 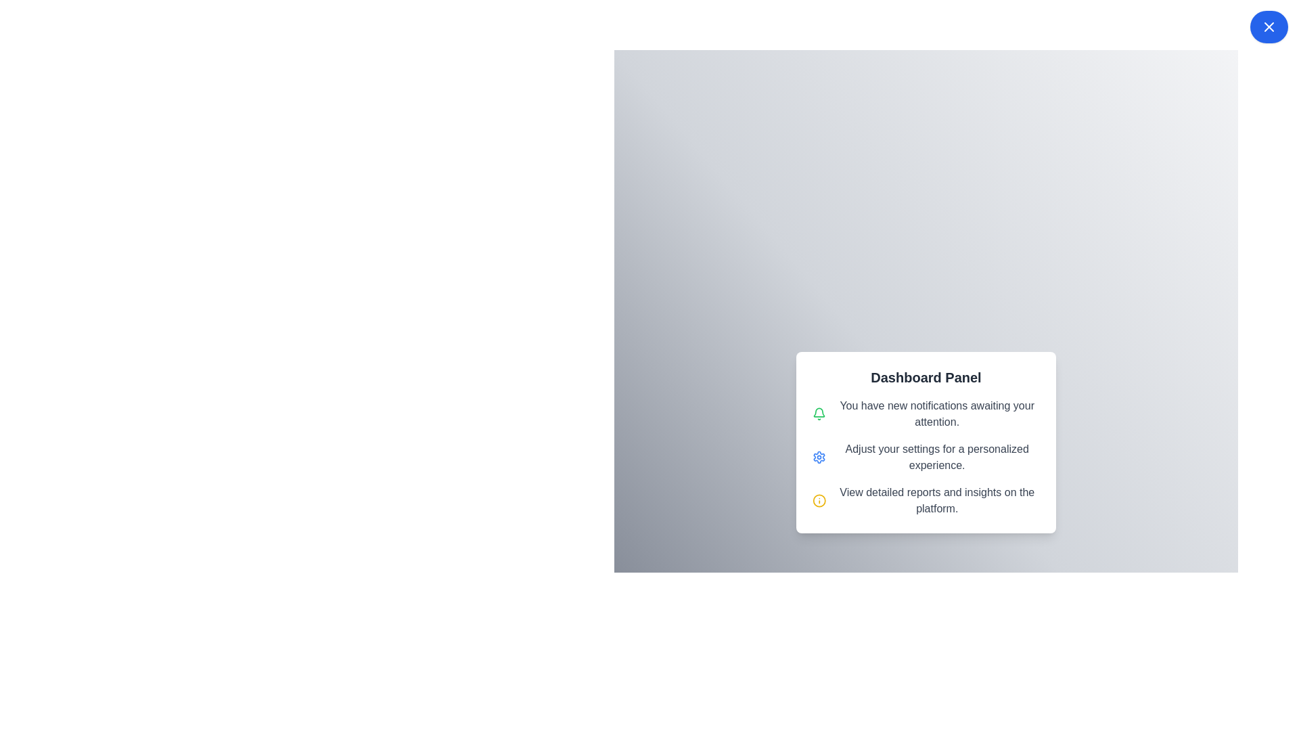 What do you see at coordinates (819, 414) in the screenshot?
I see `the bell icon located in the 'Dashboard Panel' that indicates new notifications for the user` at bounding box center [819, 414].